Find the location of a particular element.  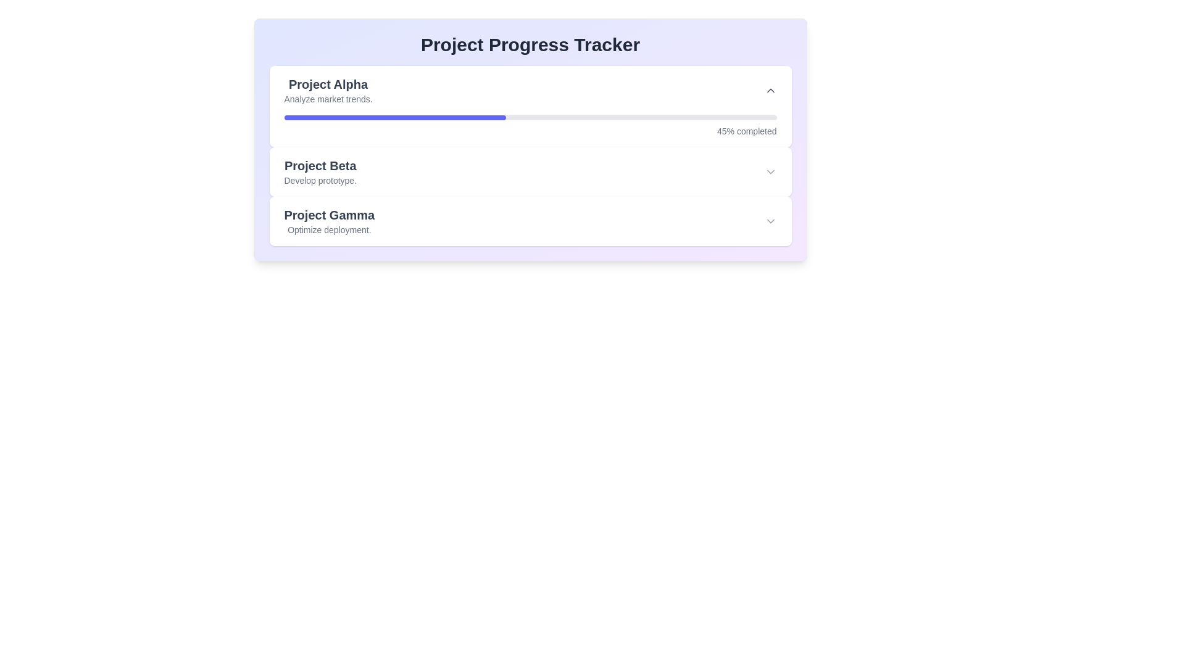

the upward-facing chevron icon styled with gray color tones located in the 'Project Alpha' section is located at coordinates (770, 89).